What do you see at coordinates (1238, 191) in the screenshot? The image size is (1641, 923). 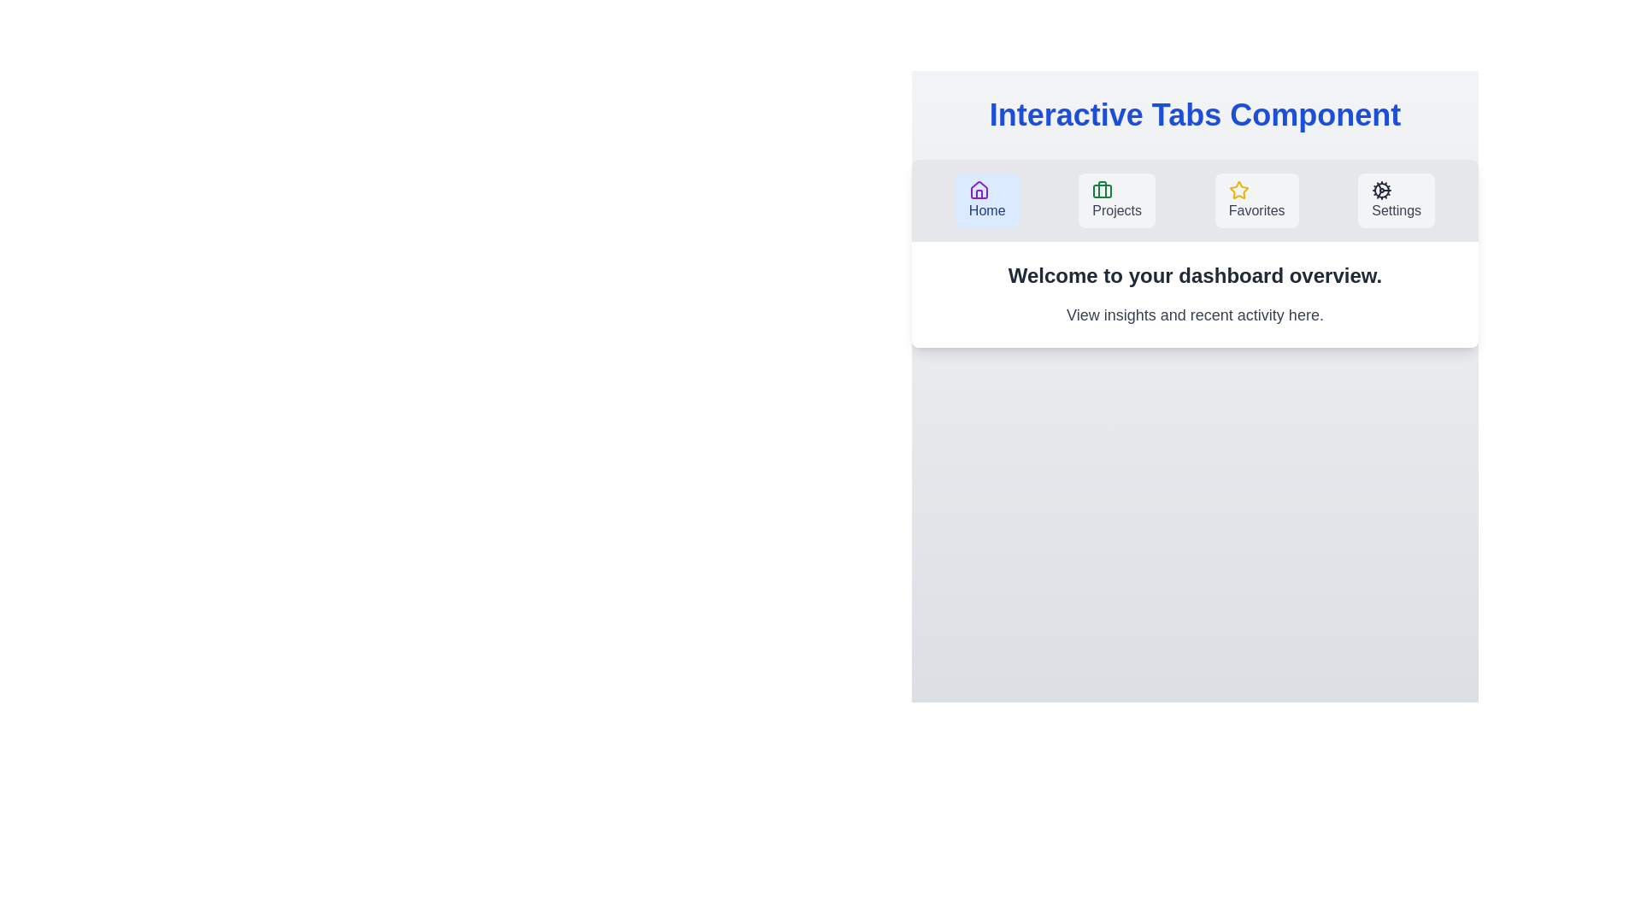 I see `the icon corresponding to the Favorites tab` at bounding box center [1238, 191].